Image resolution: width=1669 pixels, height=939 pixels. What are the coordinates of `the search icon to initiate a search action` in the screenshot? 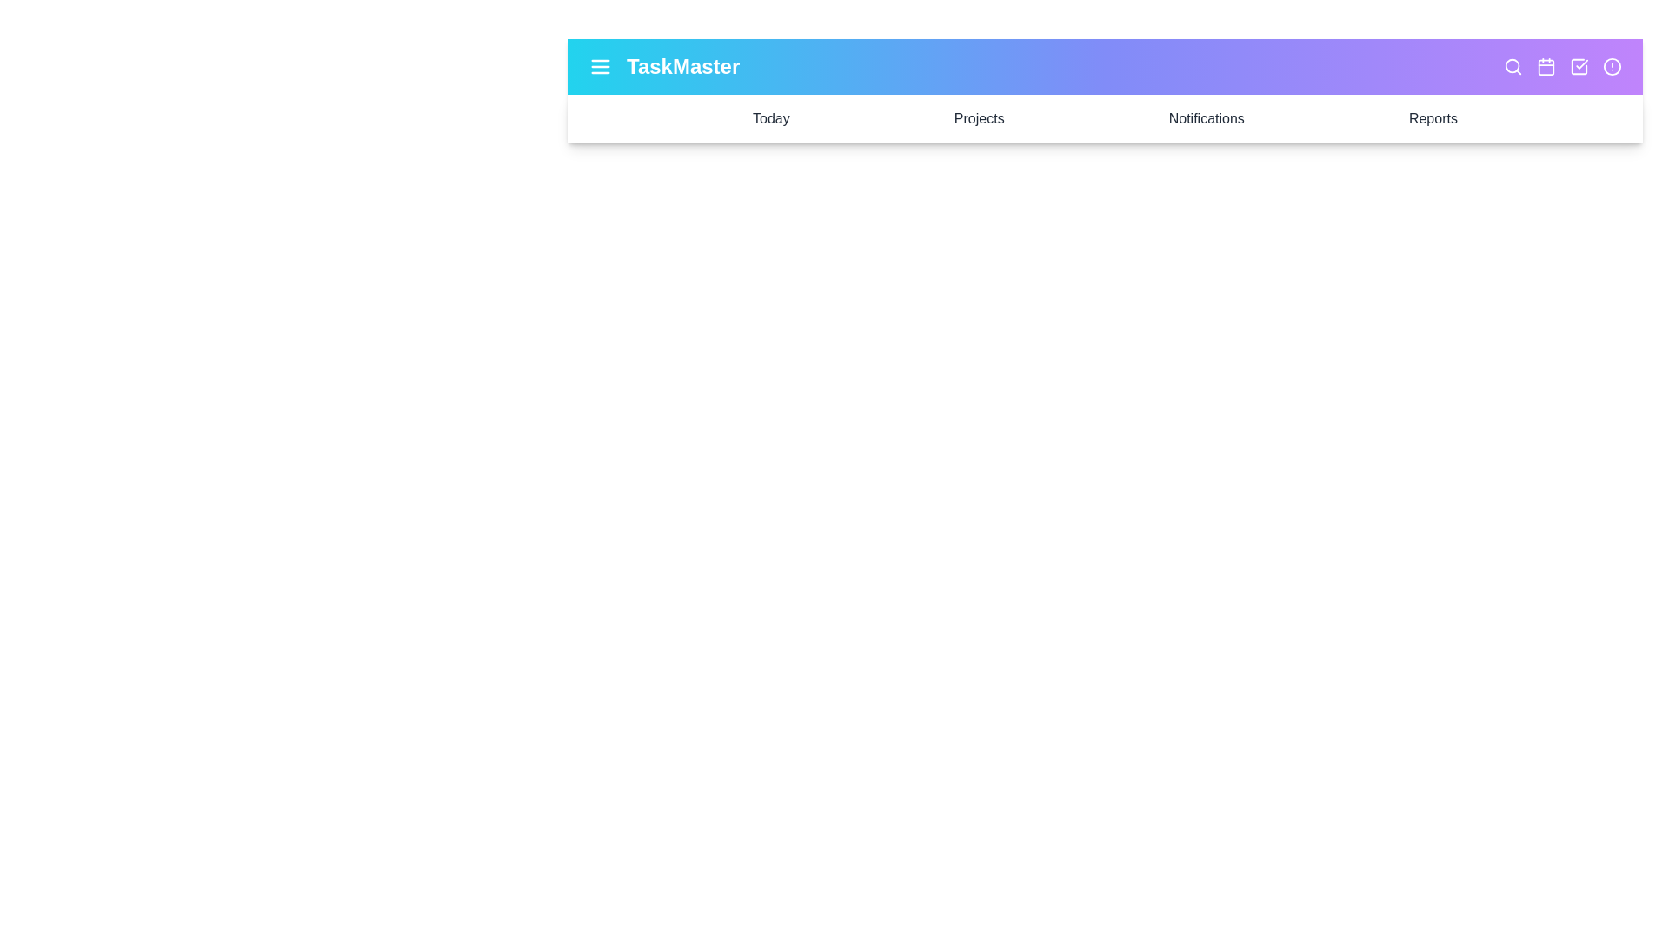 It's located at (1513, 66).